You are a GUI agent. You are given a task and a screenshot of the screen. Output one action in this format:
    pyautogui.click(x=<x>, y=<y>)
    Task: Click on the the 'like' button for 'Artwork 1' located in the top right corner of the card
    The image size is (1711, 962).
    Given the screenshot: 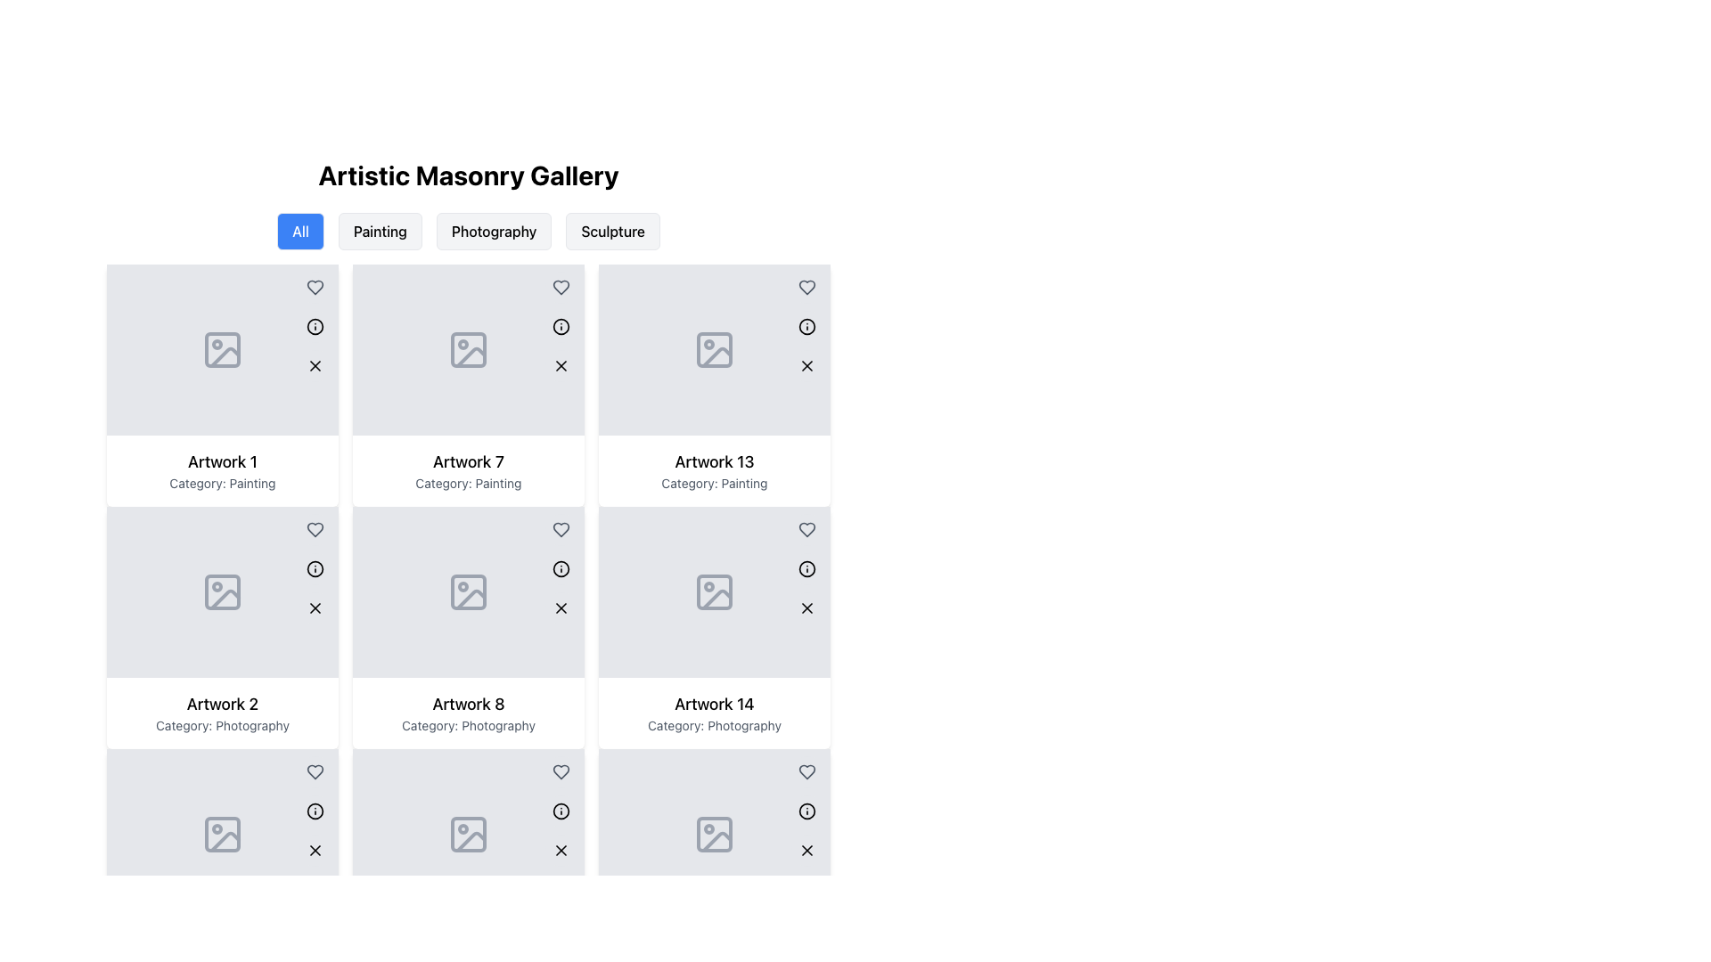 What is the action you would take?
    pyautogui.click(x=315, y=287)
    